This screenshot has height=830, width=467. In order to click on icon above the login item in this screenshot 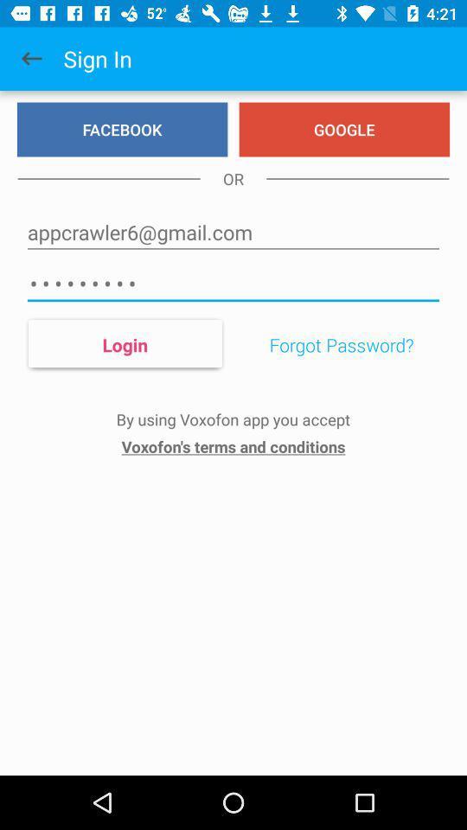, I will do `click(233, 284)`.